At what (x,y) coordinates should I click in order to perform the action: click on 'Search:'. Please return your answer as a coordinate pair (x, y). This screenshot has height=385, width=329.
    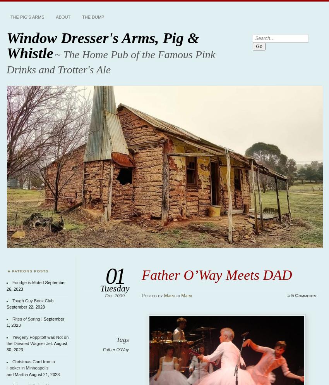
    Looking at the image, I should click on (260, 36).